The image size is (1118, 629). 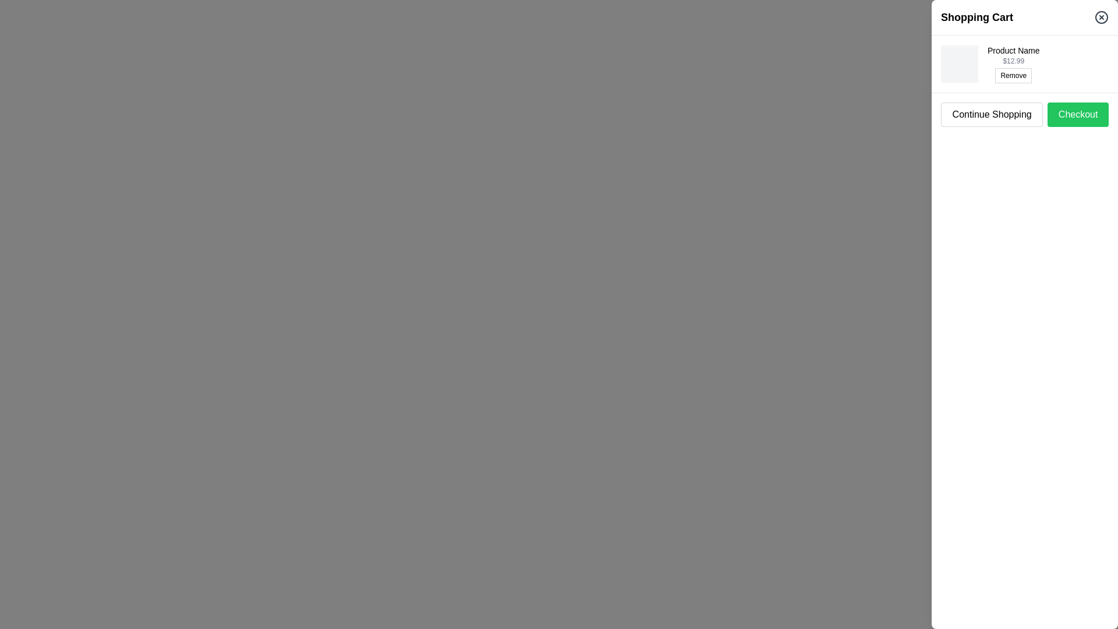 I want to click on the static text label displaying the price of the item ('$12.99'), located in the top-right section of the shopping cart interface, beneath the product name and above the 'Remove' button, so click(x=1013, y=61).